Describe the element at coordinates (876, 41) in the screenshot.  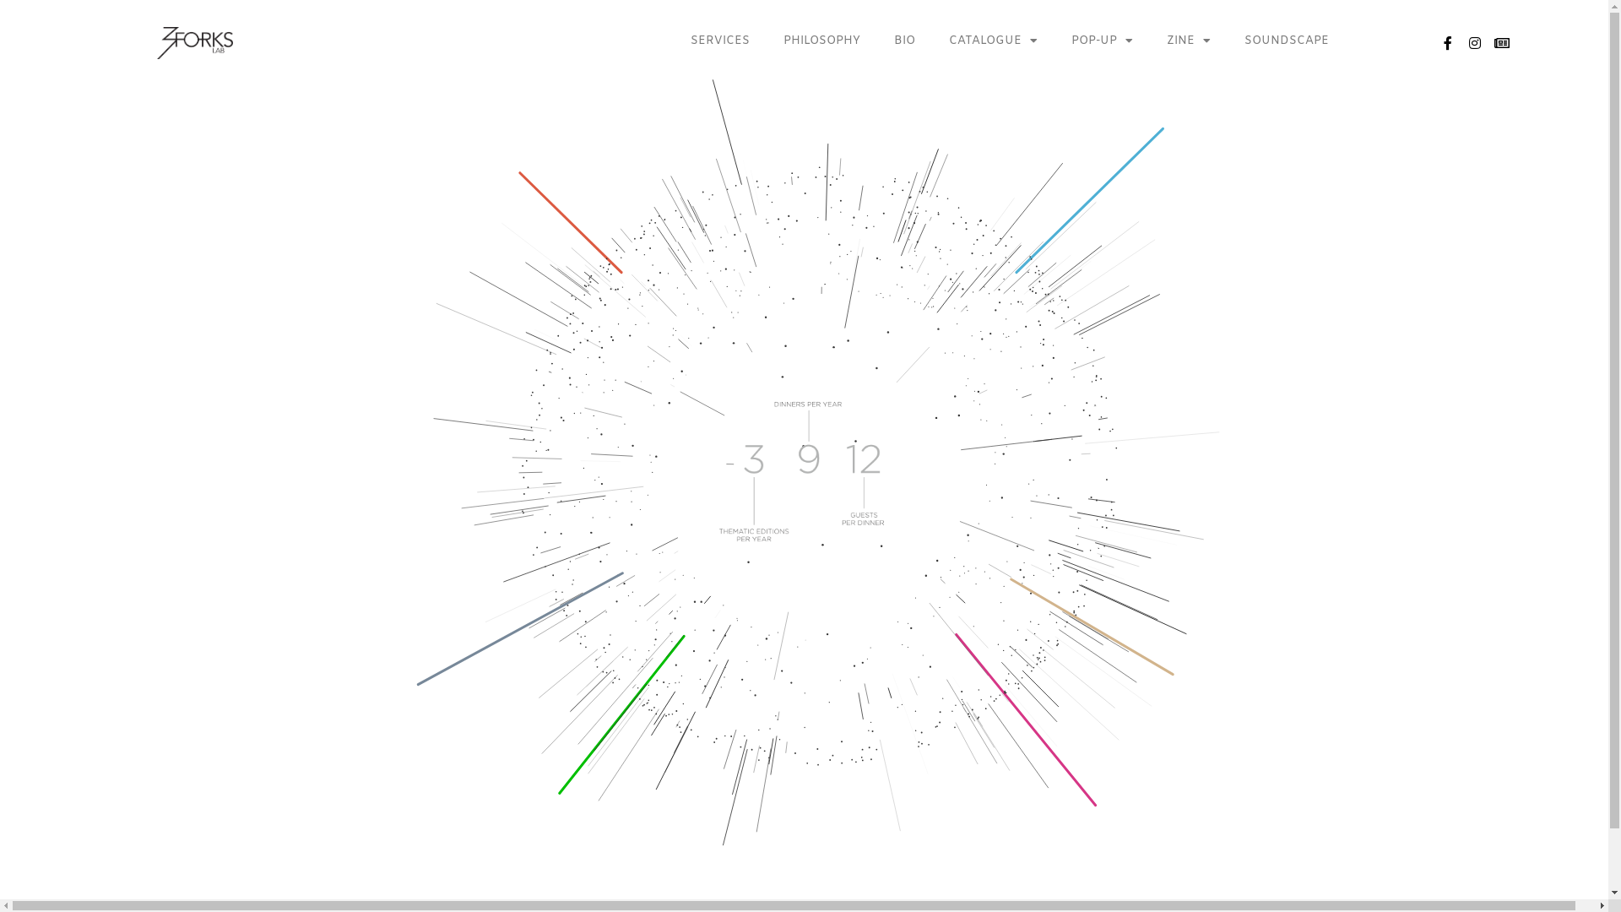
I see `'BIO'` at that location.